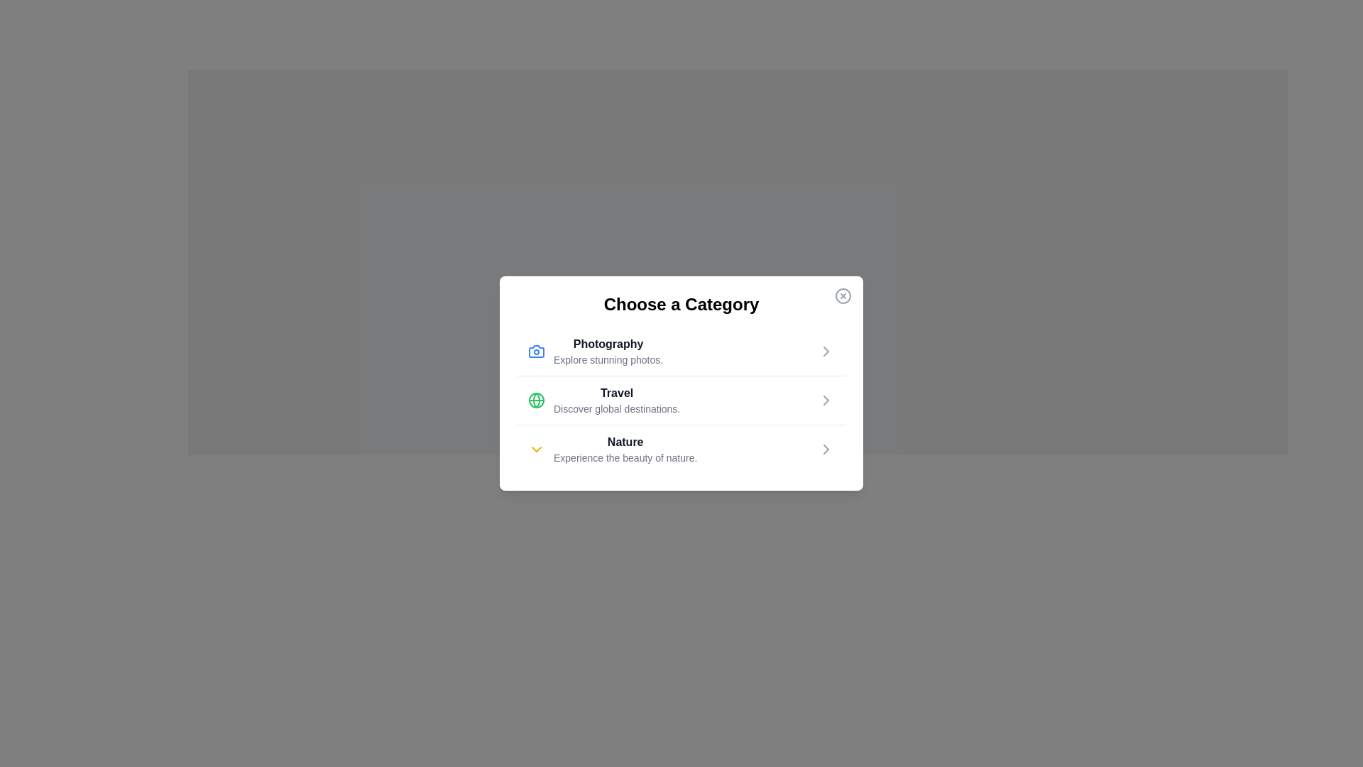 The height and width of the screenshot is (767, 1363). What do you see at coordinates (535, 351) in the screenshot?
I see `the 'Photography' icon, which is the leftmost component in the first row of the selection area` at bounding box center [535, 351].